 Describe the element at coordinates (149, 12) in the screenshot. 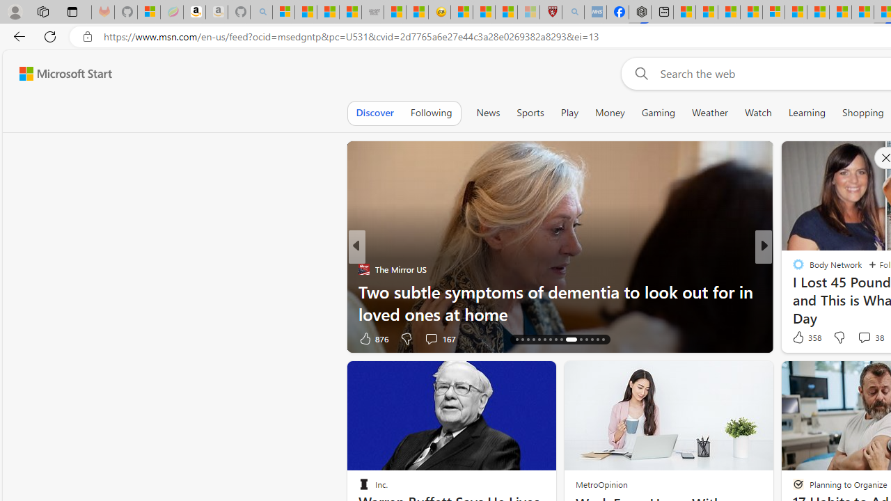

I see `'Microsoft-Report a Concern to Bing'` at that location.